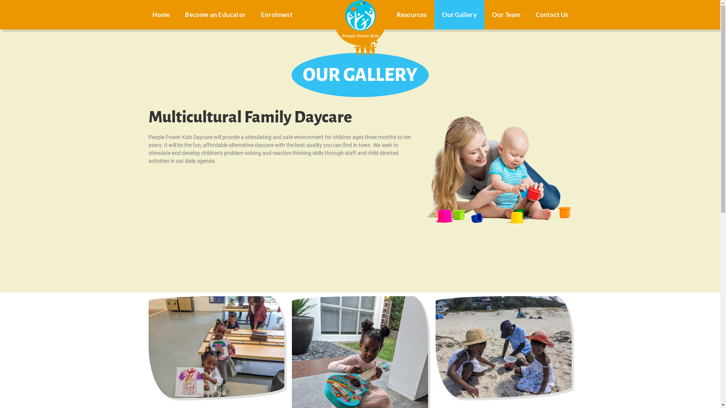 The image size is (726, 408). Describe the element at coordinates (552, 14) in the screenshot. I see `'Contact Us'` at that location.